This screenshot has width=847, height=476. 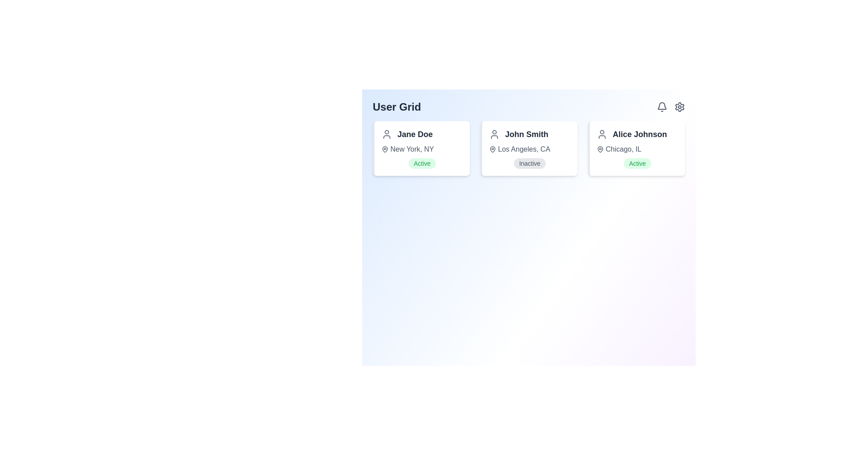 What do you see at coordinates (495, 134) in the screenshot?
I see `the user icon, which is a gray silhouette of a person, positioned to the left of the text 'John Smith' in the user identification card` at bounding box center [495, 134].